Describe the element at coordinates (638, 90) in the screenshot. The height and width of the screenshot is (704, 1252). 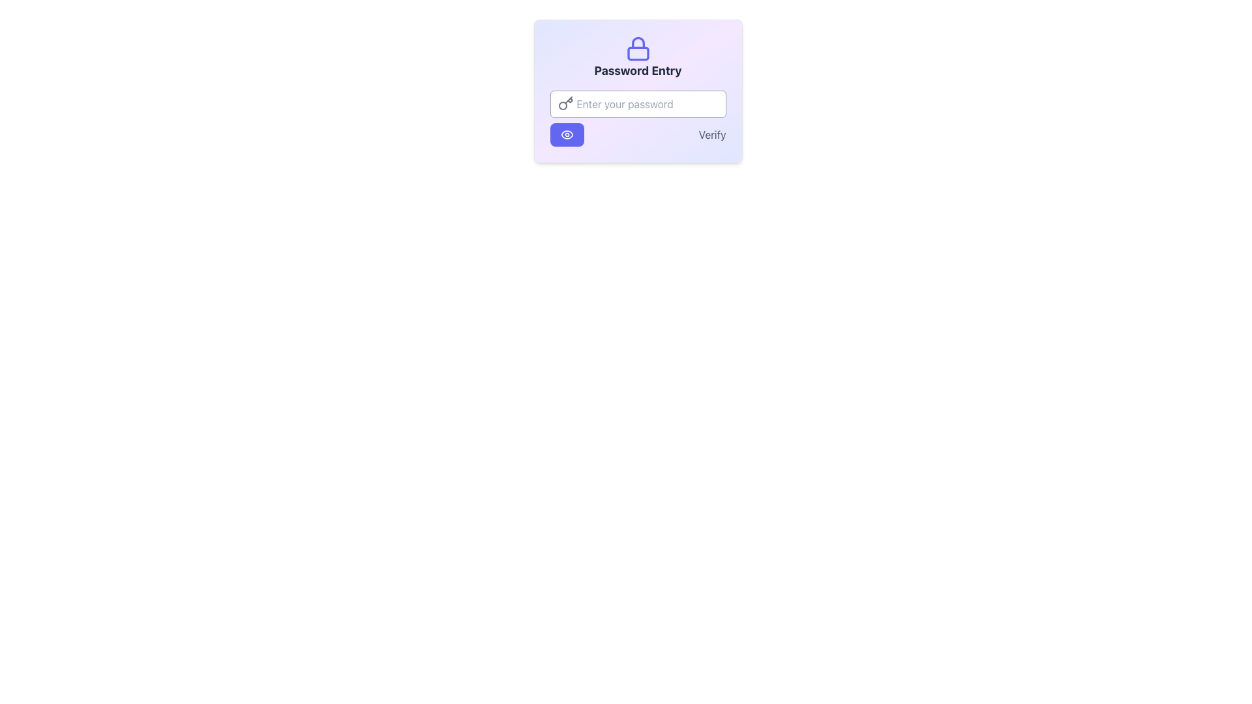
I see `the password input field located below the 'Password Entry' heading to focus on it for user authentication` at that location.